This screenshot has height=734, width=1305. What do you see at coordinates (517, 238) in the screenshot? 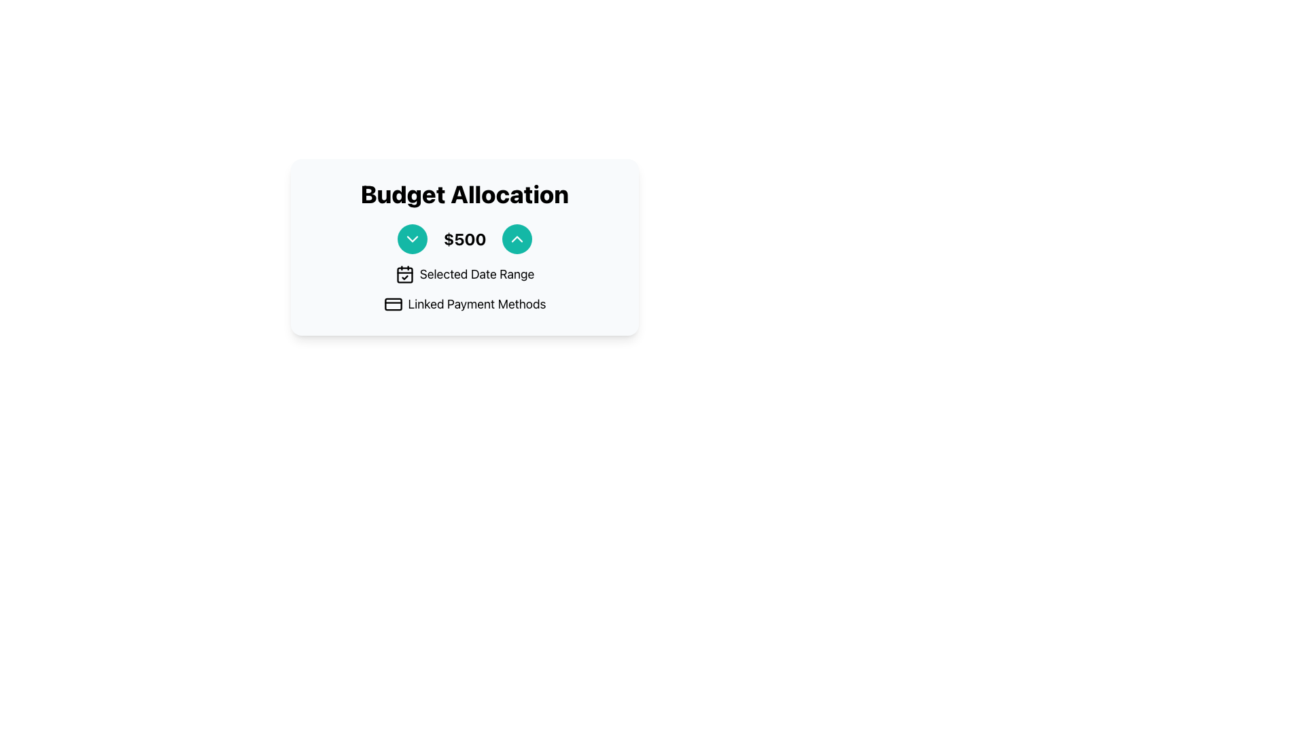
I see `the upward chevron button located to the right of the '$500' text` at bounding box center [517, 238].